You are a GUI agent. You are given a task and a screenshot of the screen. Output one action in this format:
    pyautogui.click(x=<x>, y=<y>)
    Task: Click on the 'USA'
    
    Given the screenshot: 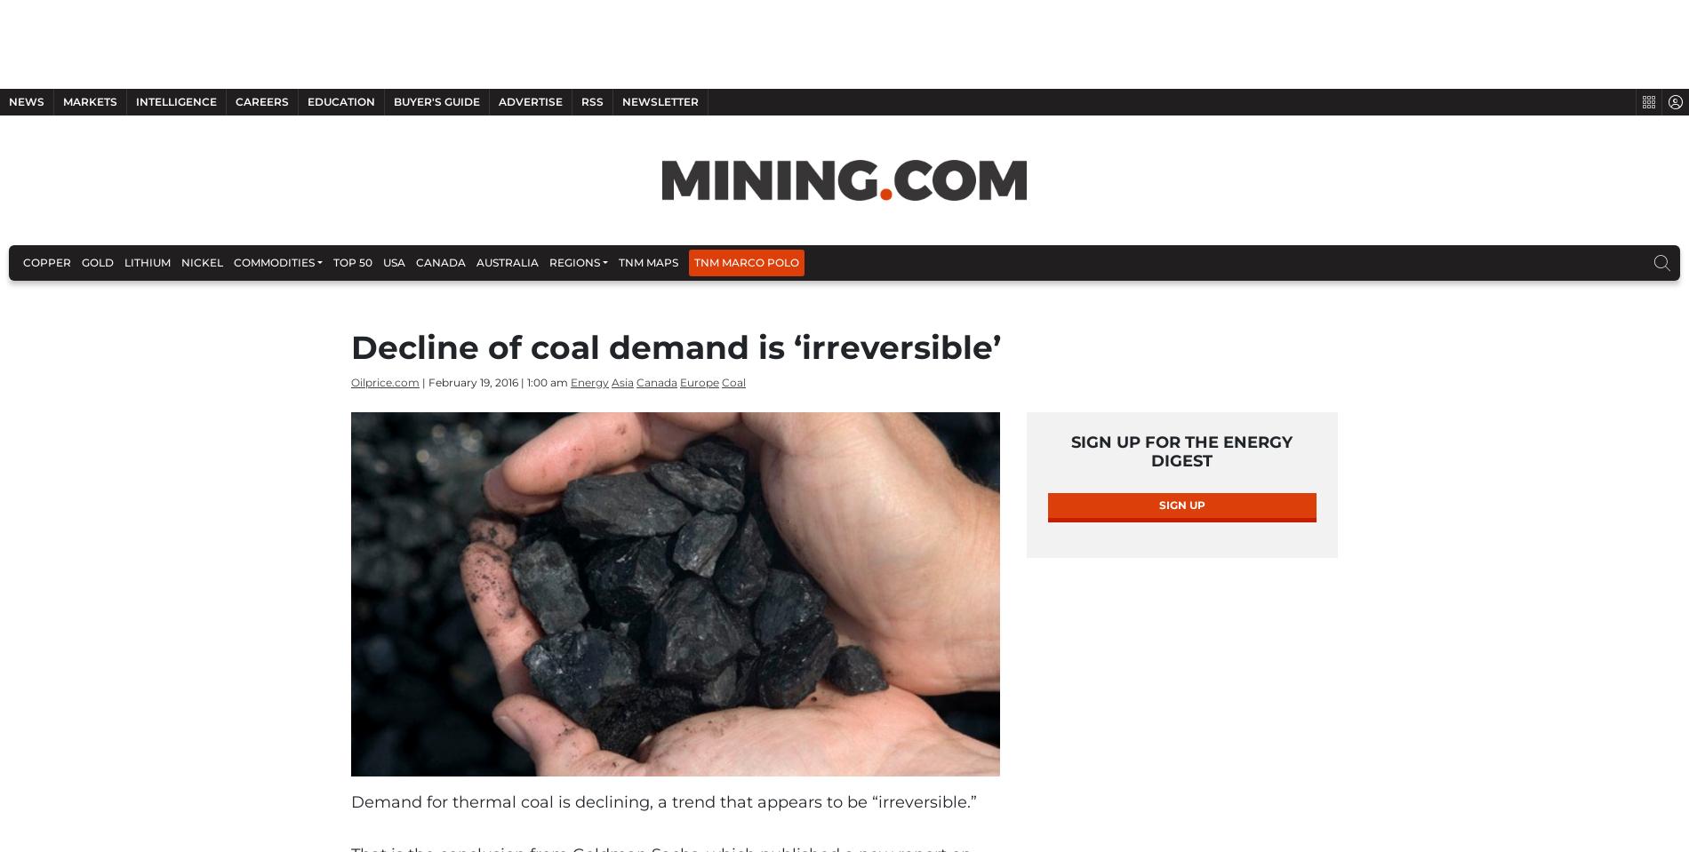 What is the action you would take?
    pyautogui.click(x=393, y=261)
    